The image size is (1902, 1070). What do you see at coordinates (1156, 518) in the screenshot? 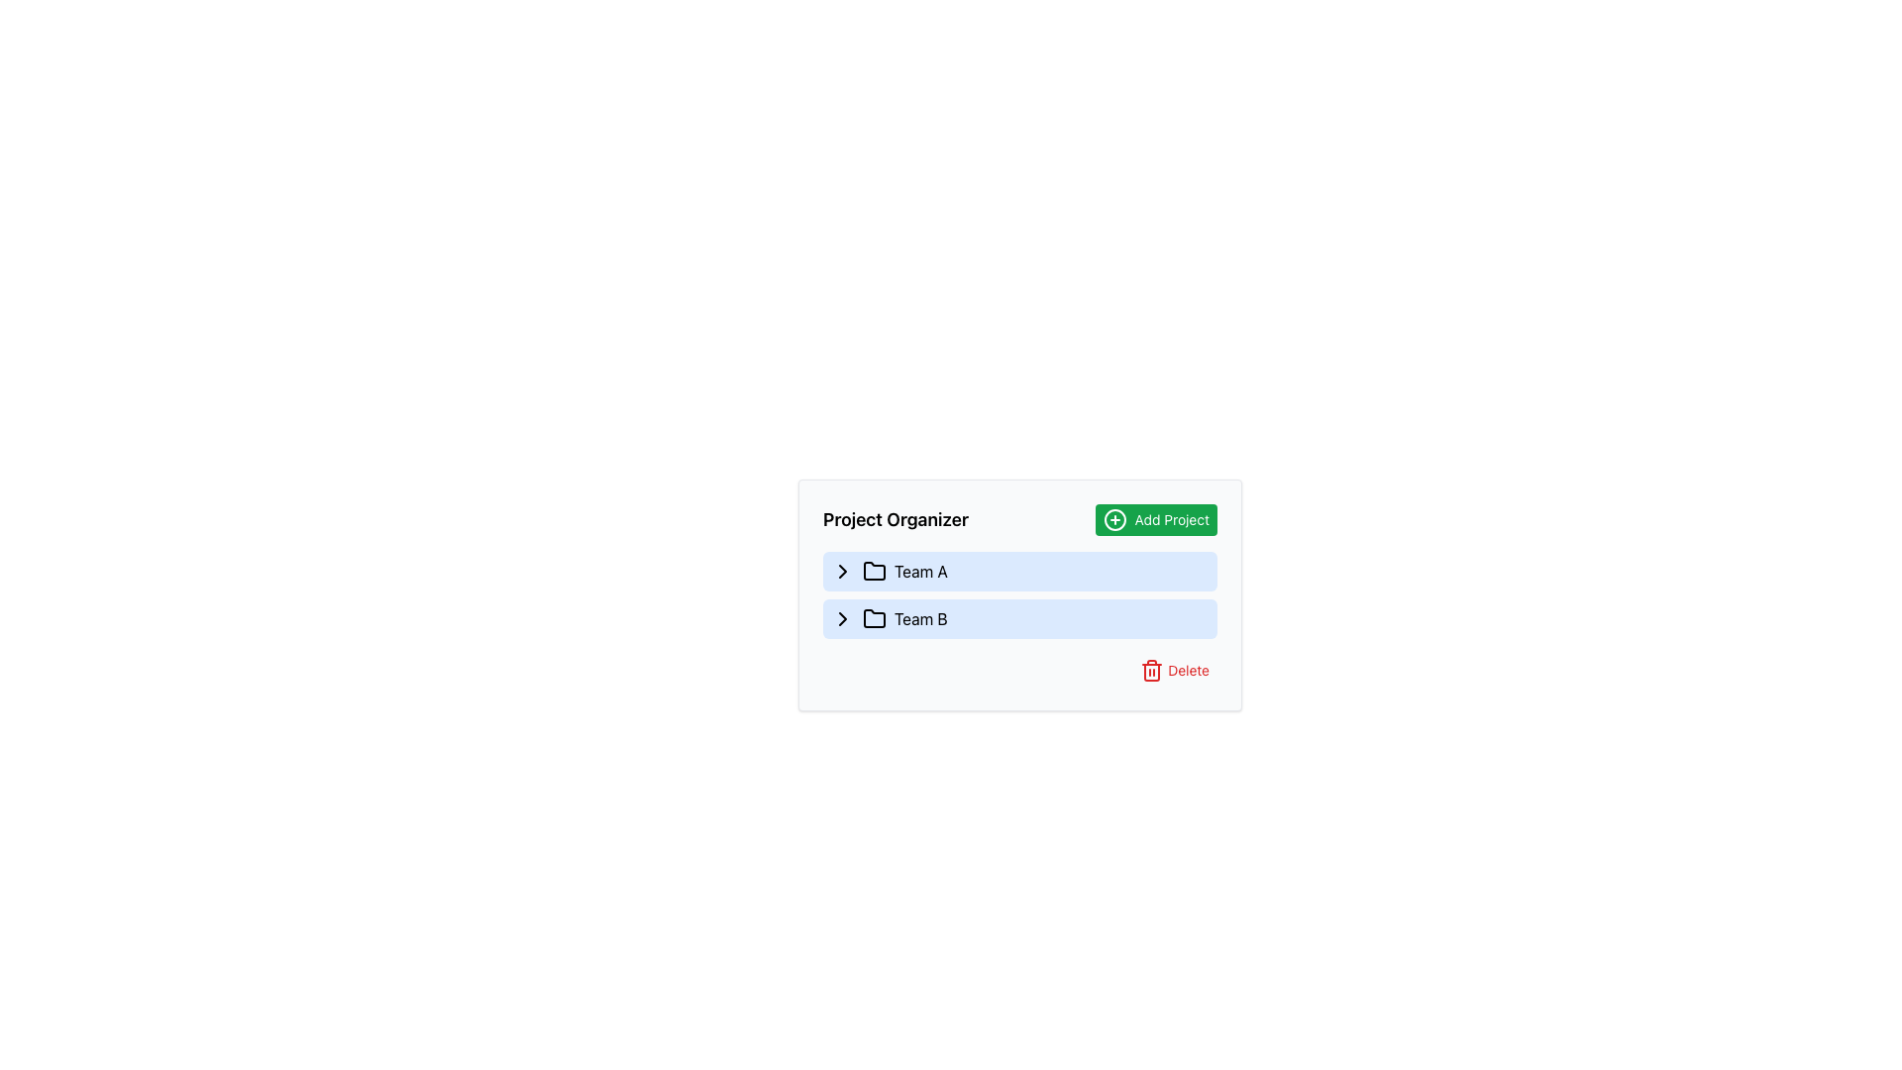
I see `the button located at the top-right corner of the 'Project Organizer' interface` at bounding box center [1156, 518].